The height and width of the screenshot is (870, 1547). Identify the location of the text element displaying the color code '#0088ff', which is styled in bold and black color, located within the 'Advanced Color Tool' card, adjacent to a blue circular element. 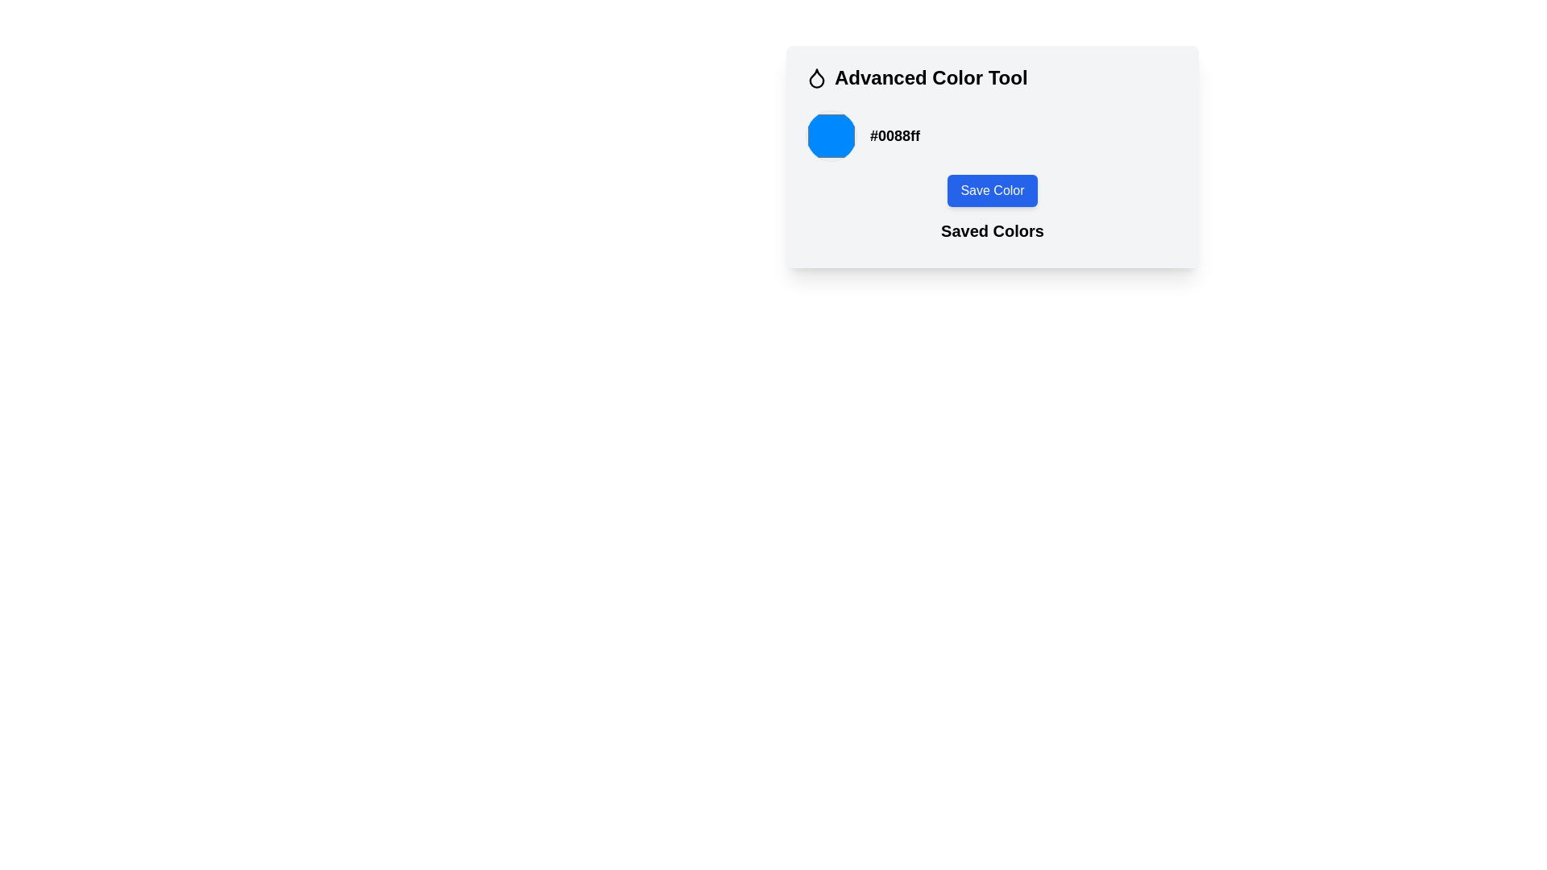
(894, 135).